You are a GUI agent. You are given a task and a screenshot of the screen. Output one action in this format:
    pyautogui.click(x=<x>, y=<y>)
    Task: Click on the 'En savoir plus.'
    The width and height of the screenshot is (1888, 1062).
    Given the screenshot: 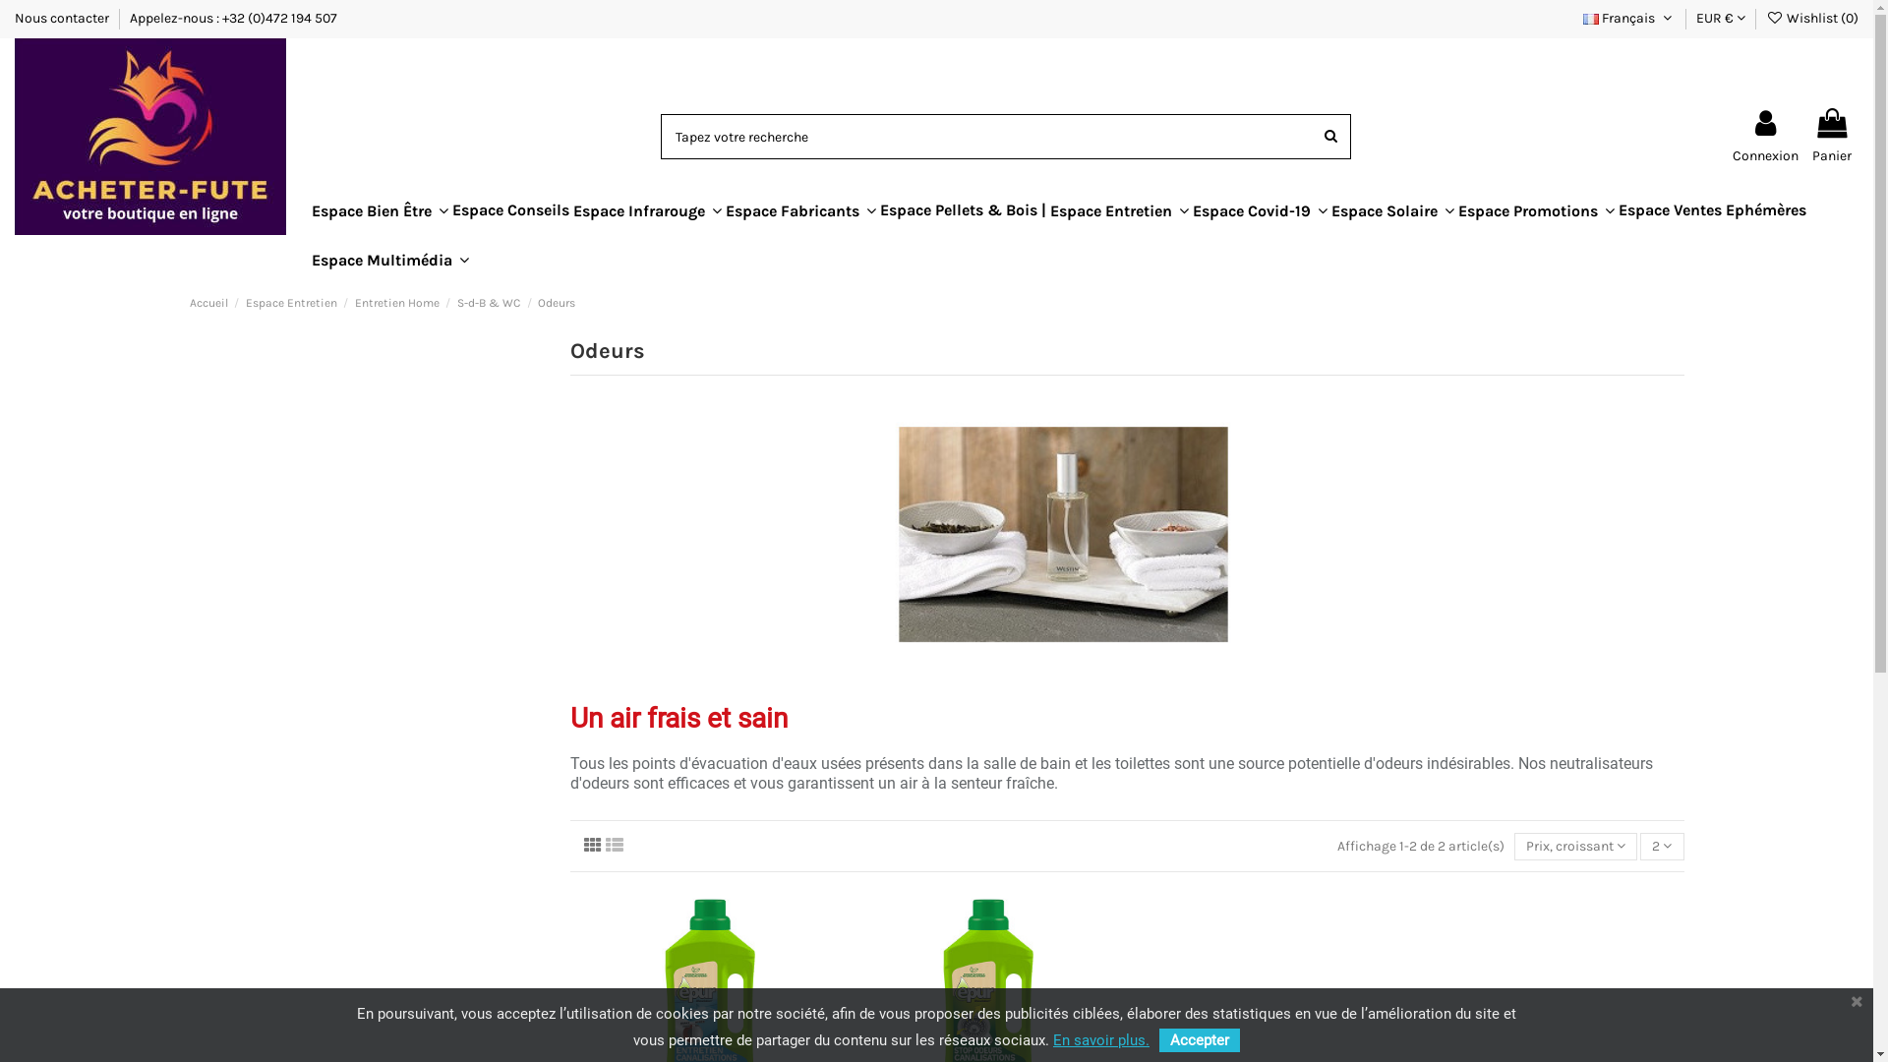 What is the action you would take?
    pyautogui.click(x=1099, y=1037)
    